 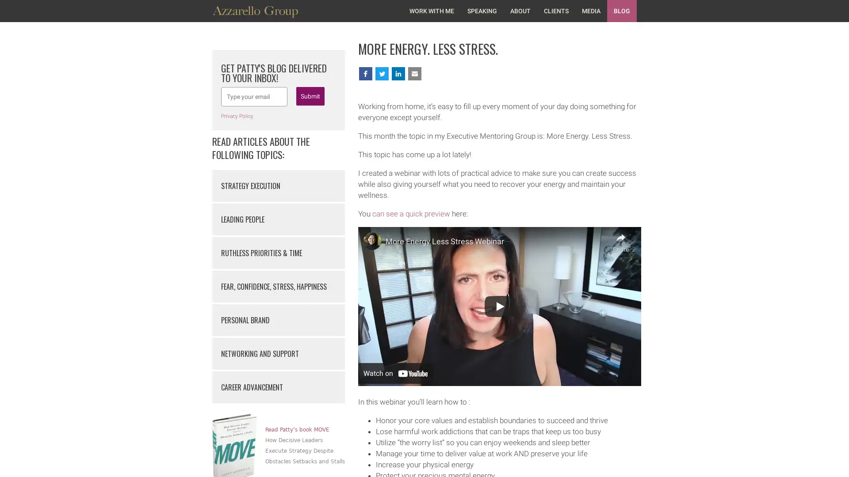 I want to click on STRATEGY EXECUTION, so click(x=278, y=185).